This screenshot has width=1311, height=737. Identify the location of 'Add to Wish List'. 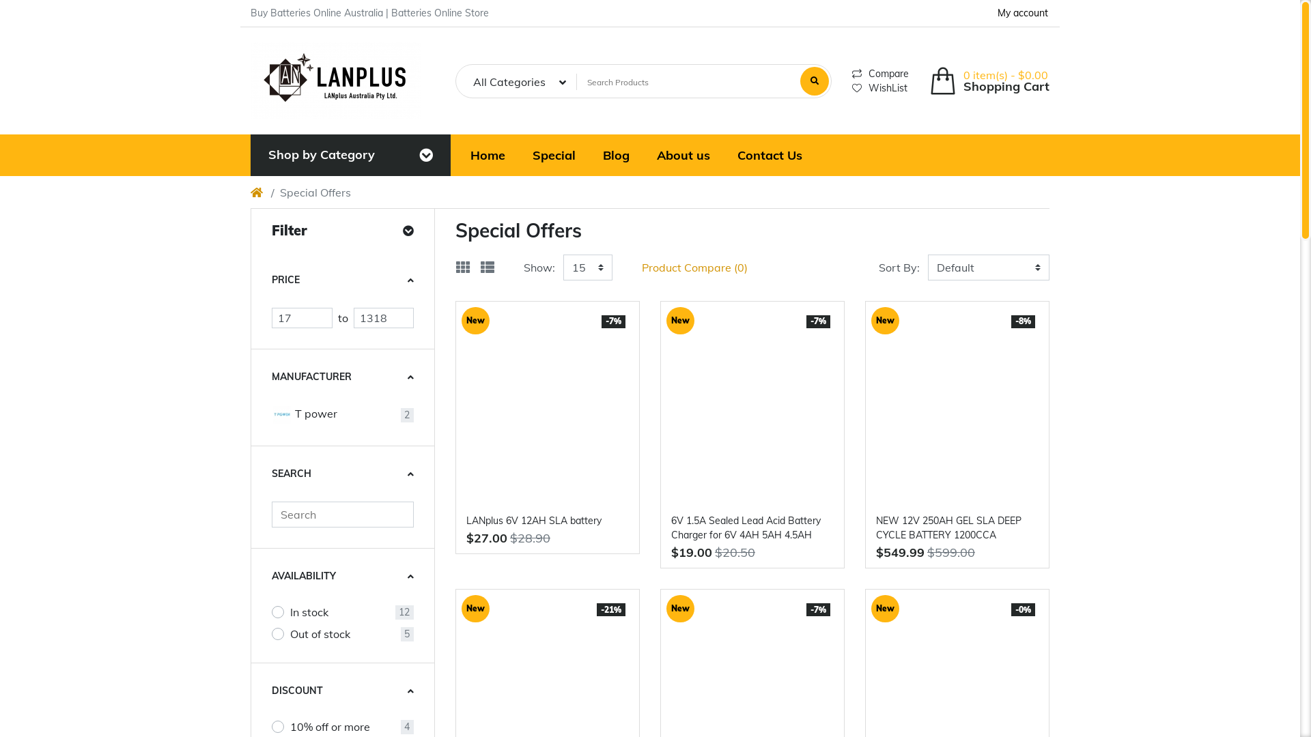
(737, 576).